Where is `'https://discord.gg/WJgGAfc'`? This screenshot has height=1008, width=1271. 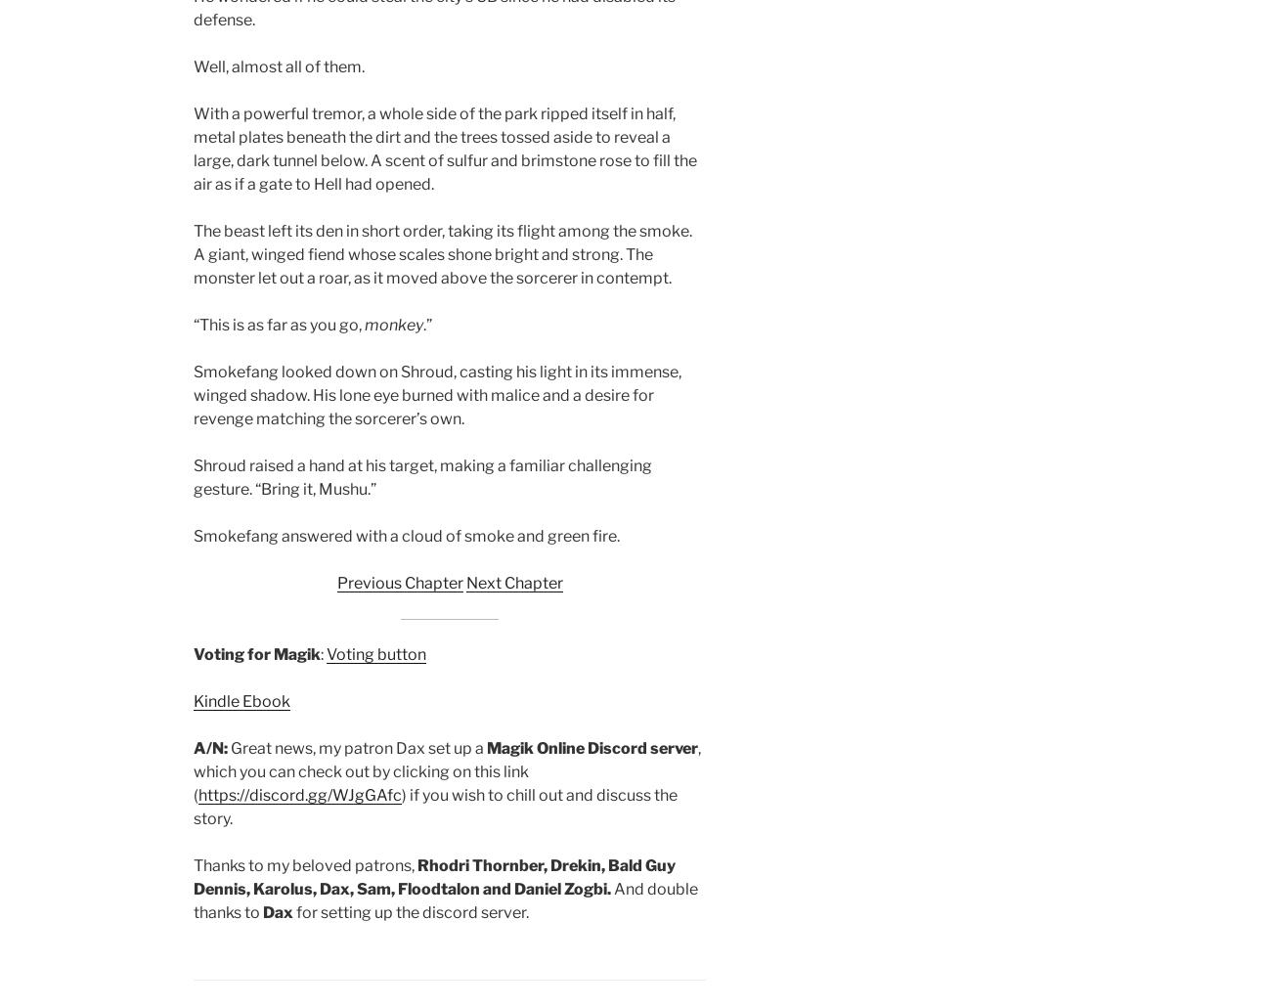 'https://discord.gg/WJgGAfc' is located at coordinates (300, 794).